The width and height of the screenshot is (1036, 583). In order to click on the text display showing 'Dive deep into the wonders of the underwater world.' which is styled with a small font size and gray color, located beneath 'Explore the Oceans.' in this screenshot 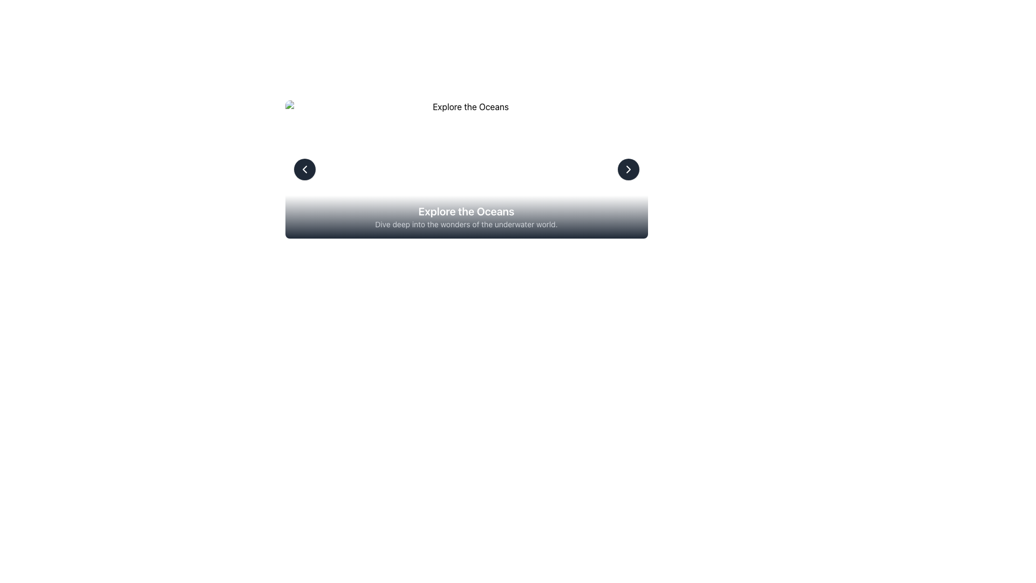, I will do `click(466, 224)`.